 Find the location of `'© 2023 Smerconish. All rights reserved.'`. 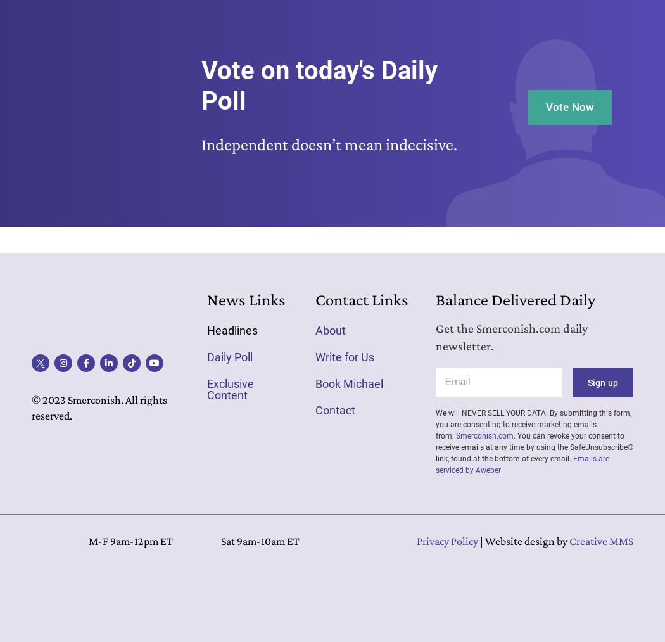

'© 2023 Smerconish. All rights reserved.' is located at coordinates (99, 407).